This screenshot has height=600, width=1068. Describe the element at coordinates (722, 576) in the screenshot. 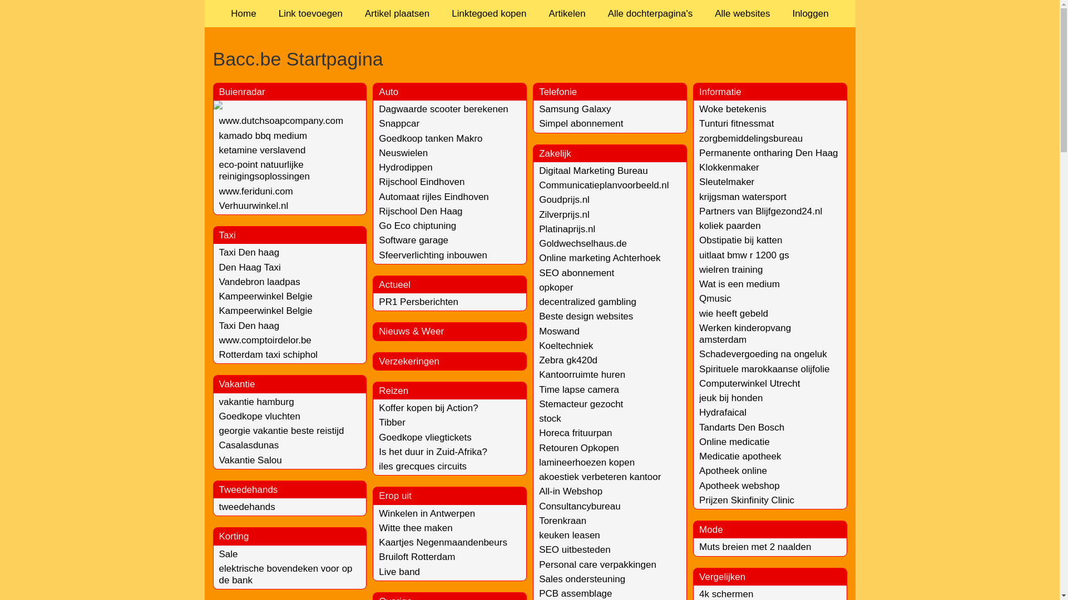

I see `'Vergelijken'` at that location.